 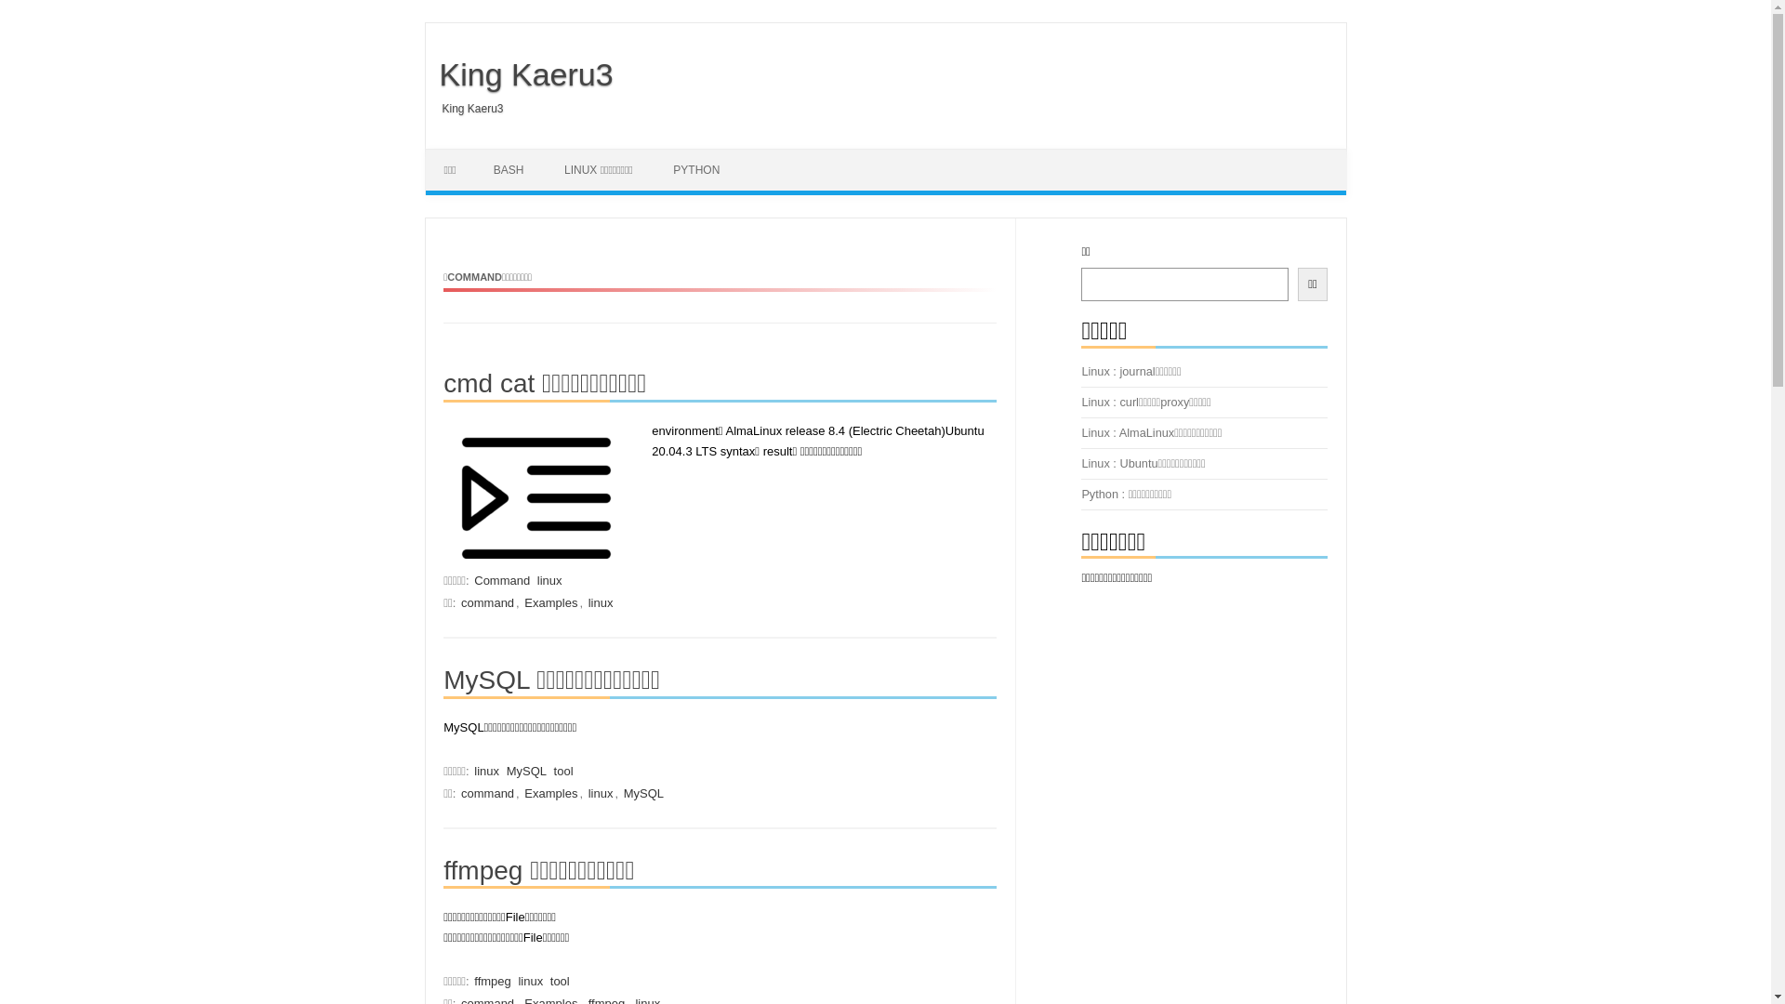 What do you see at coordinates (525, 771) in the screenshot?
I see `'MySQL'` at bounding box center [525, 771].